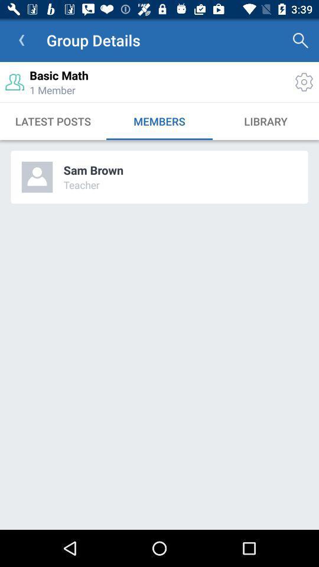  I want to click on the settings icon, so click(304, 82).